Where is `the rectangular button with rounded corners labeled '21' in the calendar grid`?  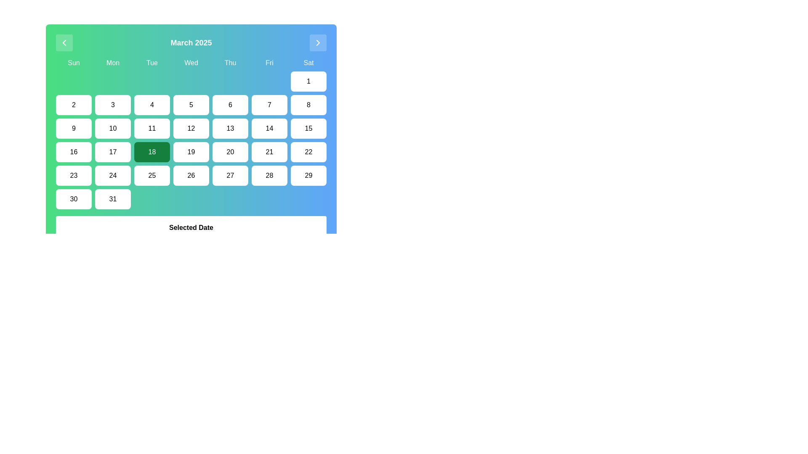 the rectangular button with rounded corners labeled '21' in the calendar grid is located at coordinates (269, 152).